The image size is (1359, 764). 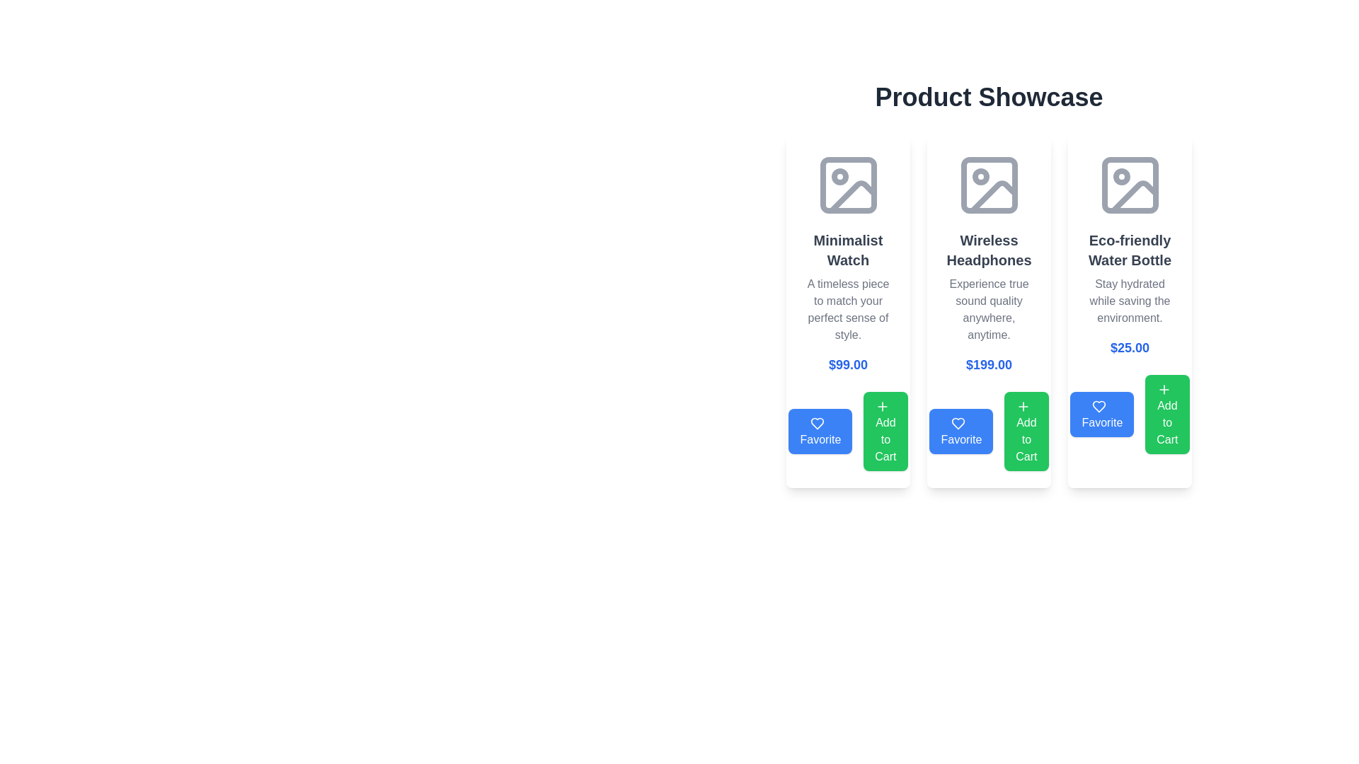 I want to click on the 'Favorite' button located to the left of the 'Add to Cart' button in the middle product card, so click(x=961, y=430).